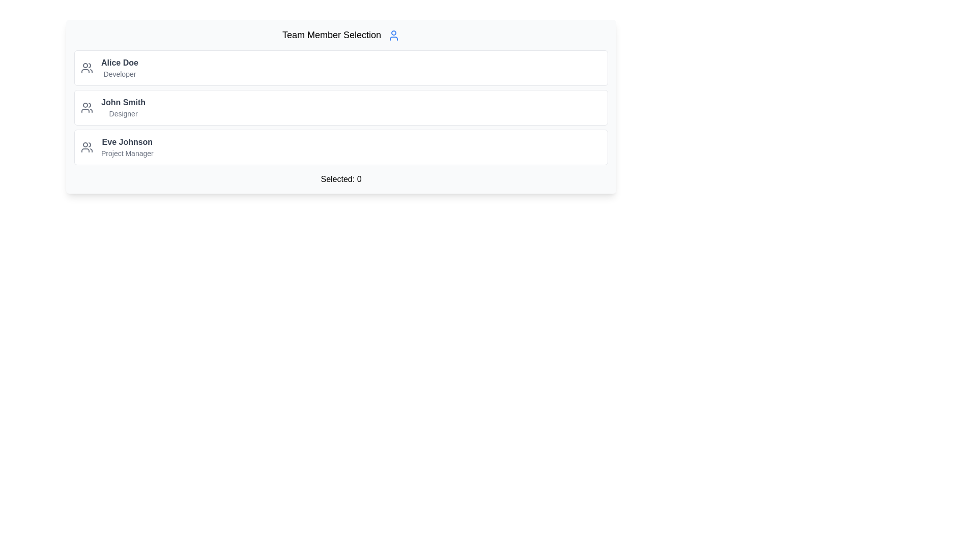 The image size is (977, 549). Describe the element at coordinates (123, 102) in the screenshot. I see `the name 'John Smith' displayed in bold, dark gray font, which is part of a vertically aligned list and is the second item below 'Alice Doe'` at that location.